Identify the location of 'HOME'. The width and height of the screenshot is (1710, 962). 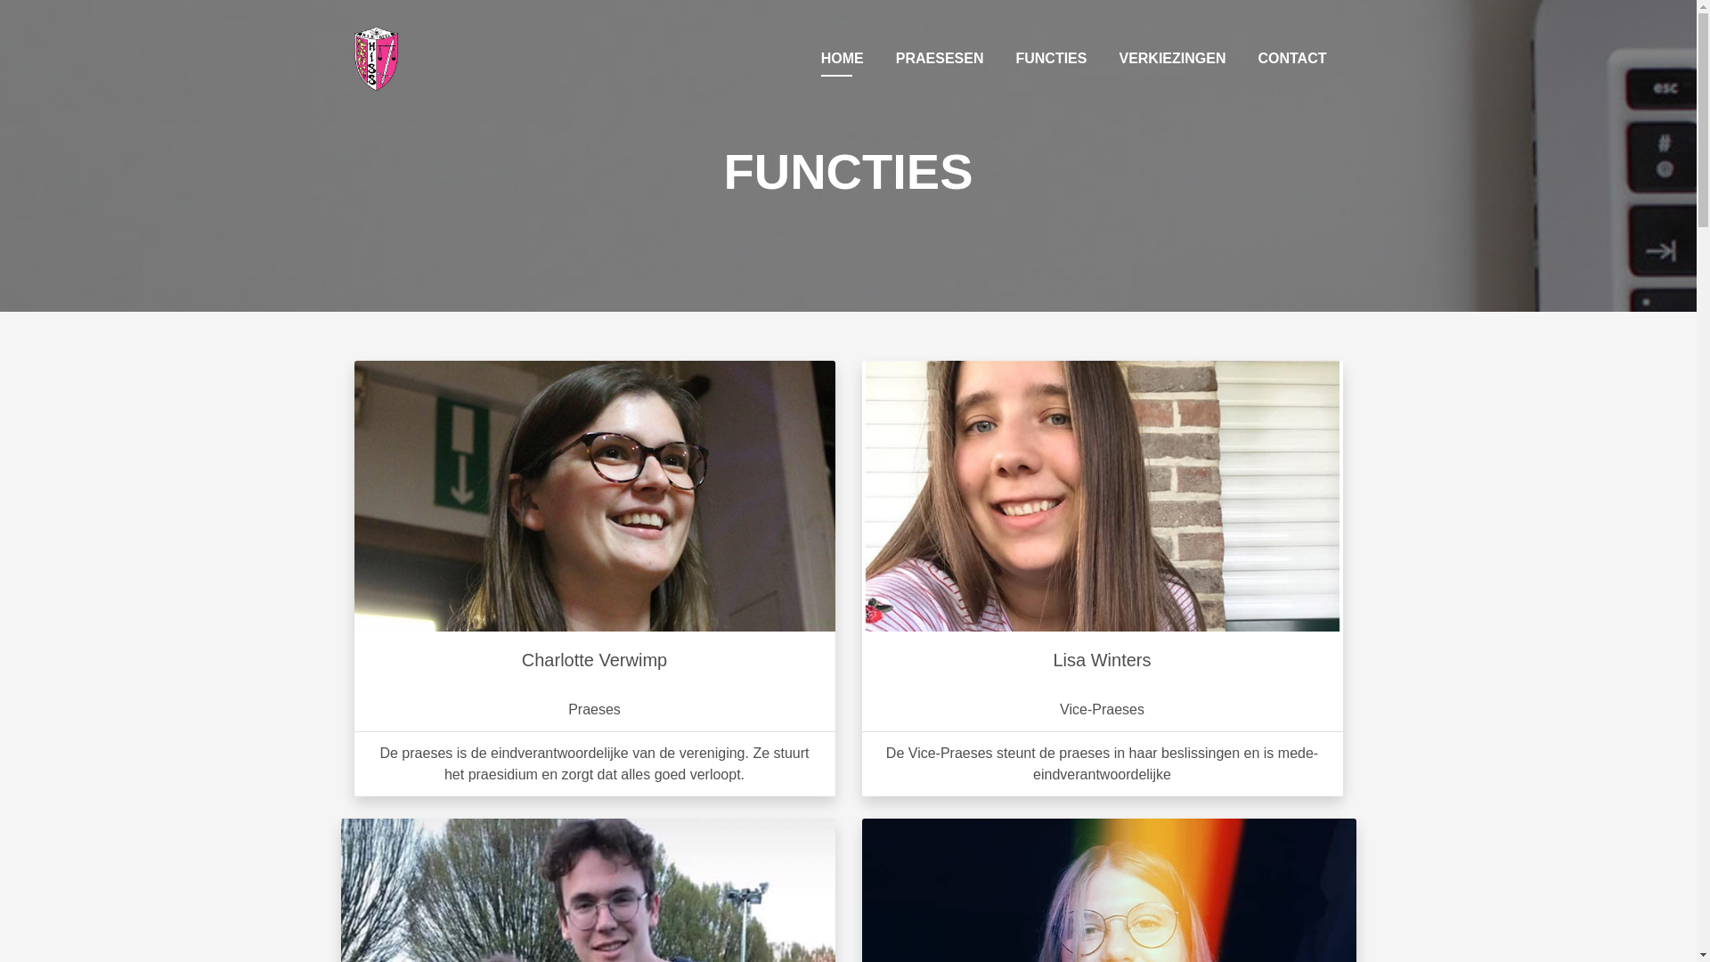
(812, 57).